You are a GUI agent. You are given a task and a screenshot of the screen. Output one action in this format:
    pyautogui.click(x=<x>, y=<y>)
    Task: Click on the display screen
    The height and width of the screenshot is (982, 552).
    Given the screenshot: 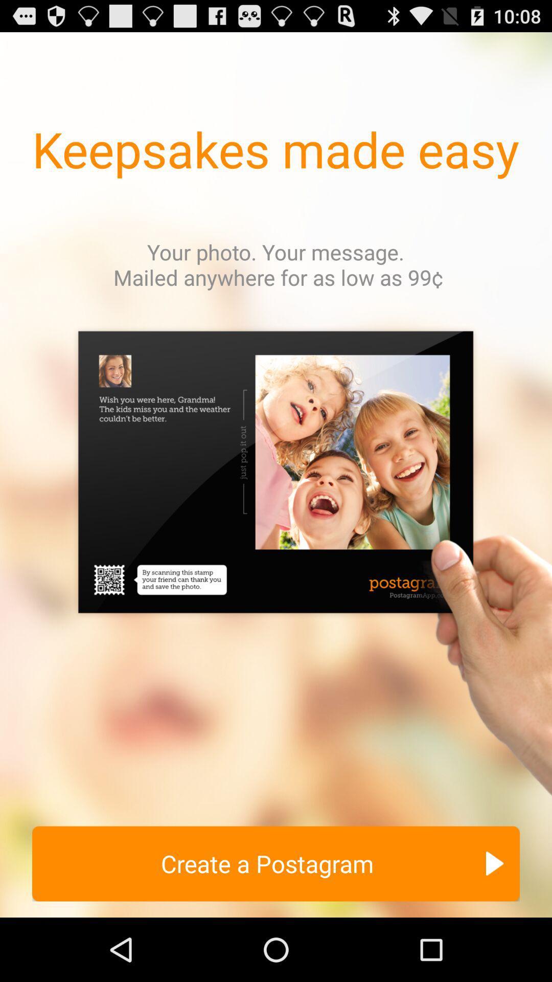 What is the action you would take?
    pyautogui.click(x=276, y=566)
    